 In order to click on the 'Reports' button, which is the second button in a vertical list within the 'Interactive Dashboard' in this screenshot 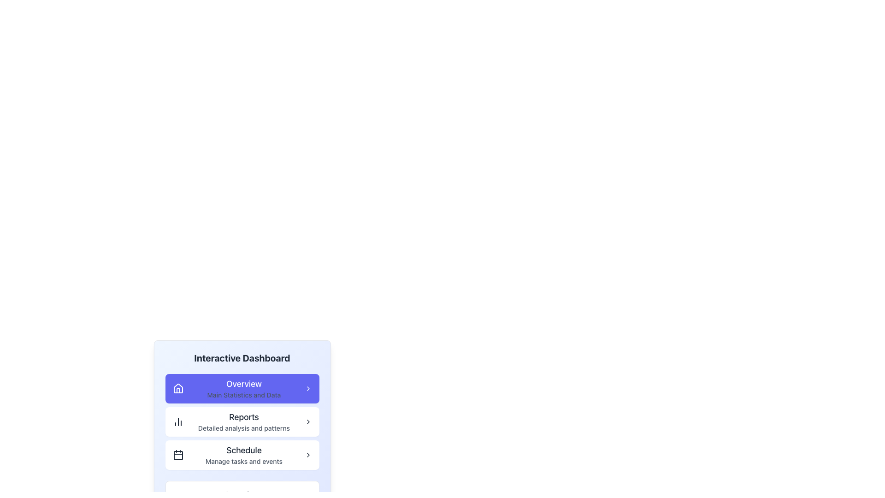, I will do `click(242, 421)`.